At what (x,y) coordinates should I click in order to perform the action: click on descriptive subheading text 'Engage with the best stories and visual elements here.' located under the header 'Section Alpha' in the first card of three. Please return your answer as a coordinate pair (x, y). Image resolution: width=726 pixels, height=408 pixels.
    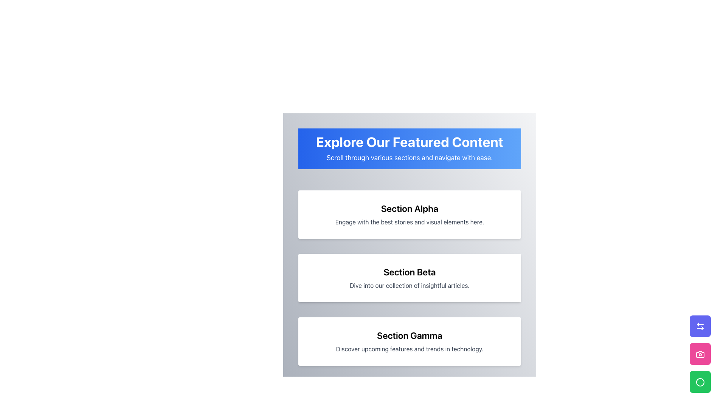
    Looking at the image, I should click on (409, 221).